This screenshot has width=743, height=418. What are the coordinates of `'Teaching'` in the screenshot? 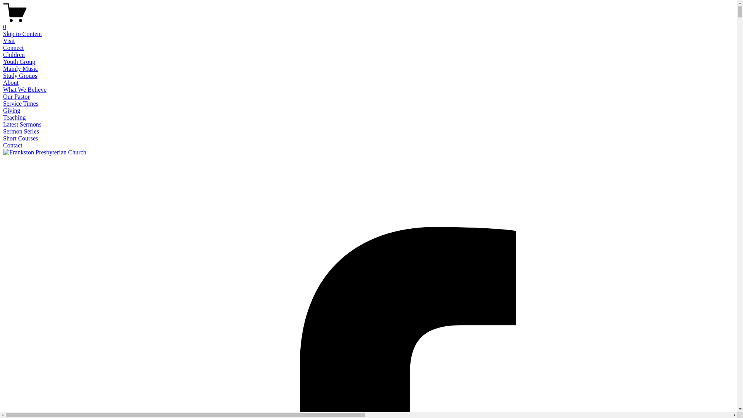 It's located at (14, 117).